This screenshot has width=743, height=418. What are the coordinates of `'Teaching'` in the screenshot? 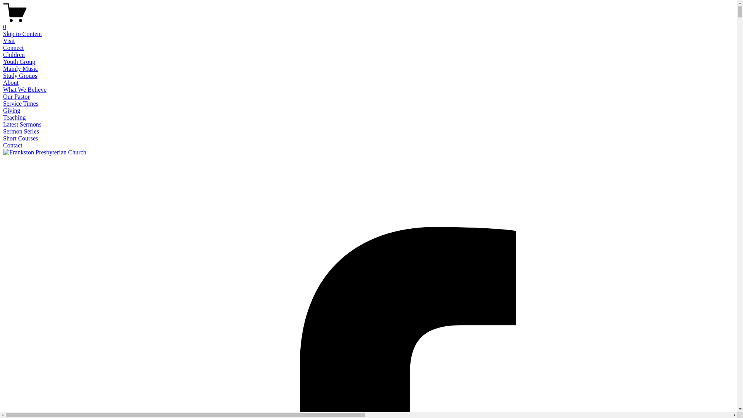 It's located at (14, 117).